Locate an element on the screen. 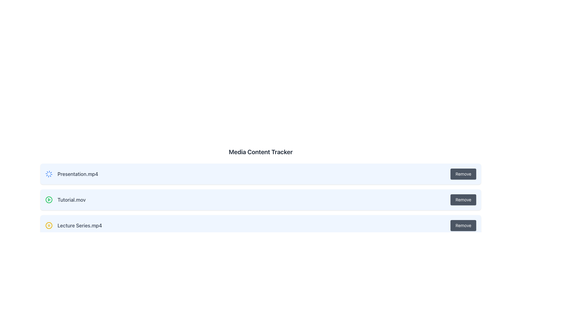  the 'Tutorial.mov' text label element is located at coordinates (72, 200).